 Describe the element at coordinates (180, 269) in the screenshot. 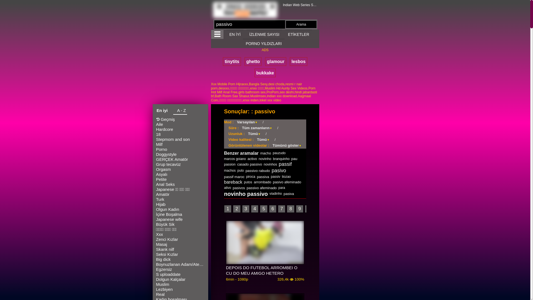

I see `'Egzersiz'` at that location.